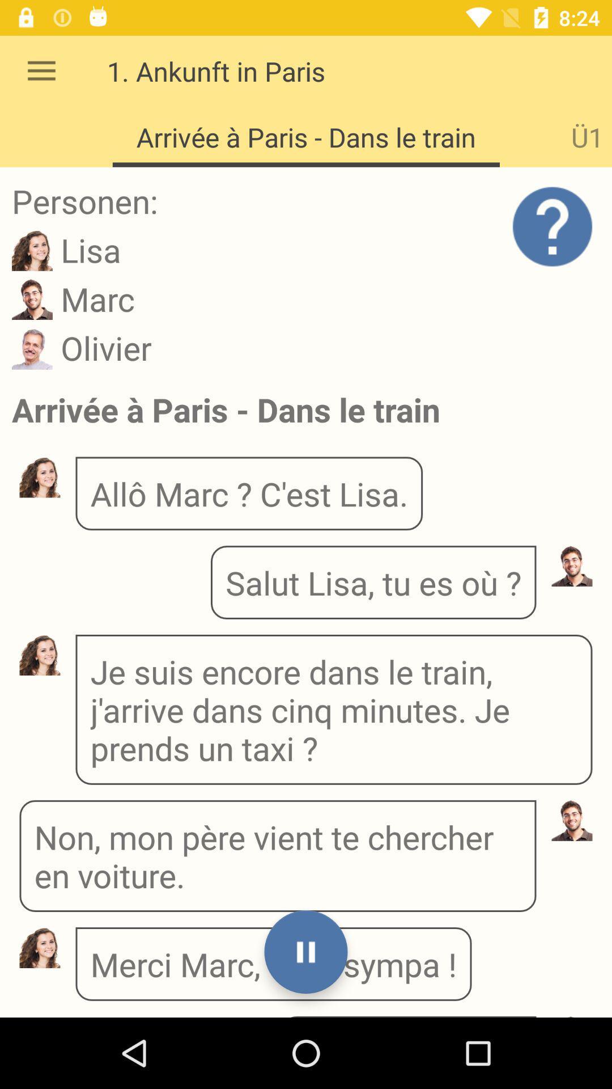 Image resolution: width=612 pixels, height=1089 pixels. Describe the element at coordinates (572, 820) in the screenshot. I see `the avatar icon` at that location.